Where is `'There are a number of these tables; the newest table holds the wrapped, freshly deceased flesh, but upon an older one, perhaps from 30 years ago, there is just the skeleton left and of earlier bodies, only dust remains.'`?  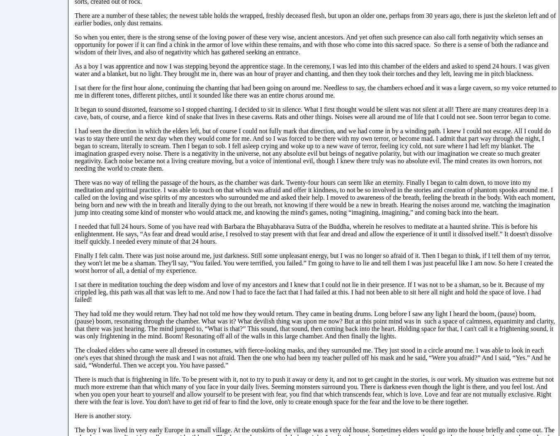
'There are a number of these tables; the newest table holds the wrapped, freshly deceased flesh, but upon an older one, perhaps from 30 years ago, there is just the skeleton left and of earlier bodies, only dust remains.' is located at coordinates (315, 18).